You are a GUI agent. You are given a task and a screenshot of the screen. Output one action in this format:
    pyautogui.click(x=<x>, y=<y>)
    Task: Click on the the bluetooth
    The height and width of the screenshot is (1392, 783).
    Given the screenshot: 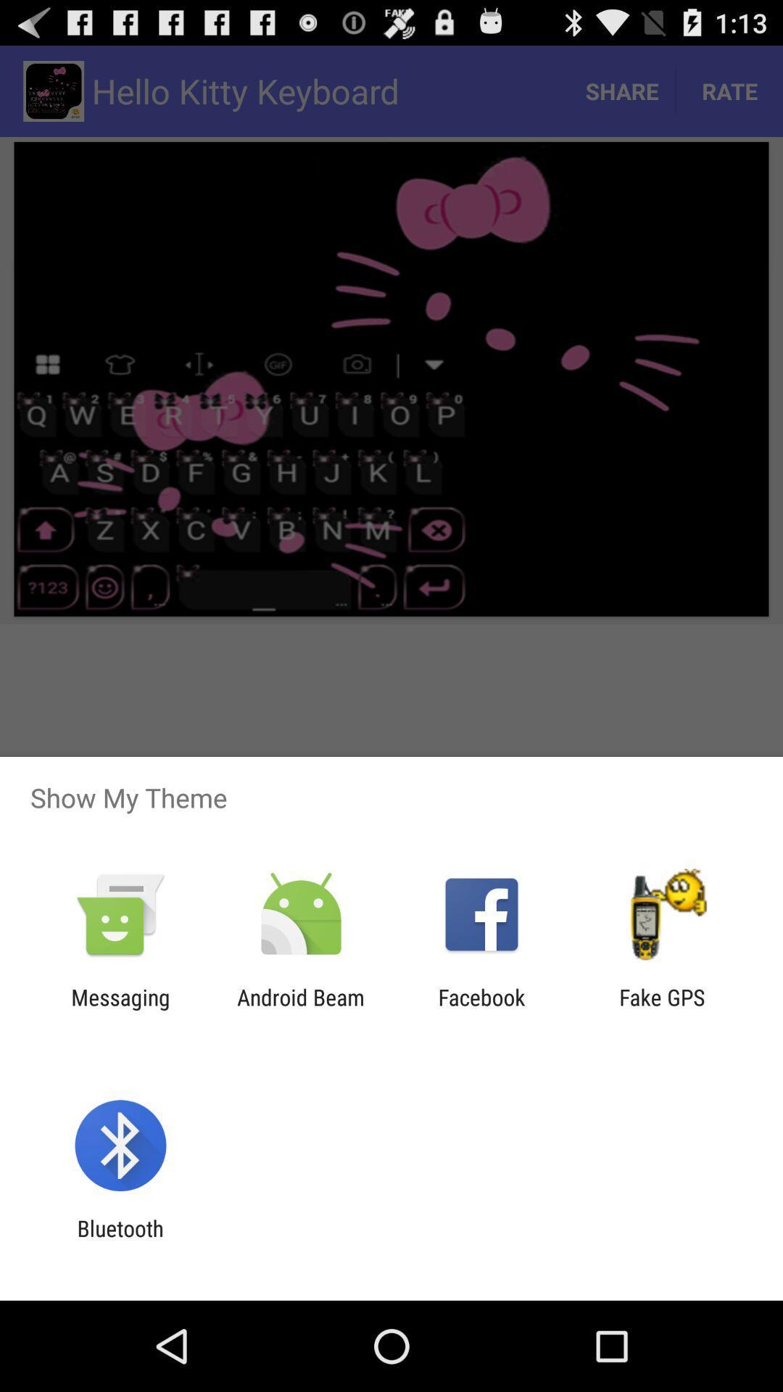 What is the action you would take?
    pyautogui.click(x=120, y=1240)
    